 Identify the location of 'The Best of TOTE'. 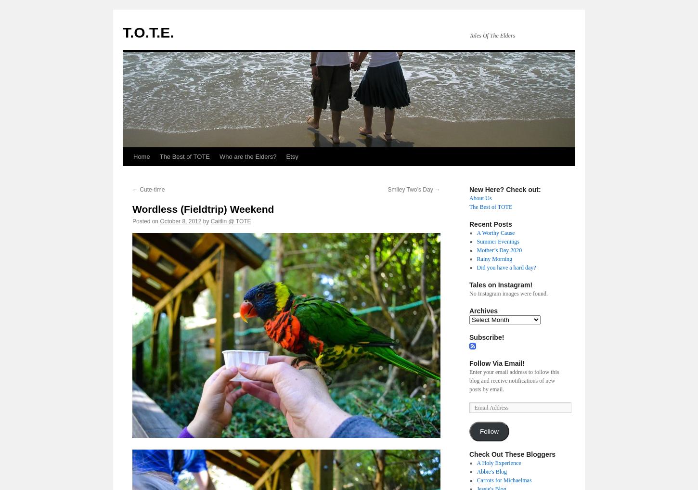
(491, 206).